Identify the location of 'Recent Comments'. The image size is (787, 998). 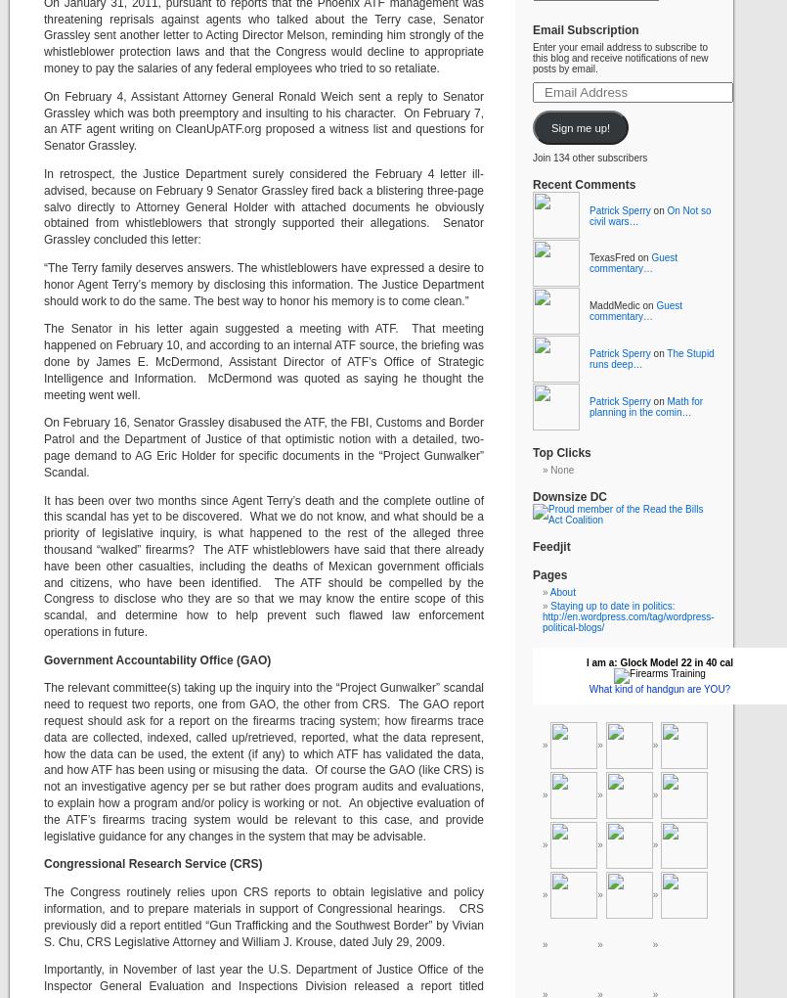
(584, 184).